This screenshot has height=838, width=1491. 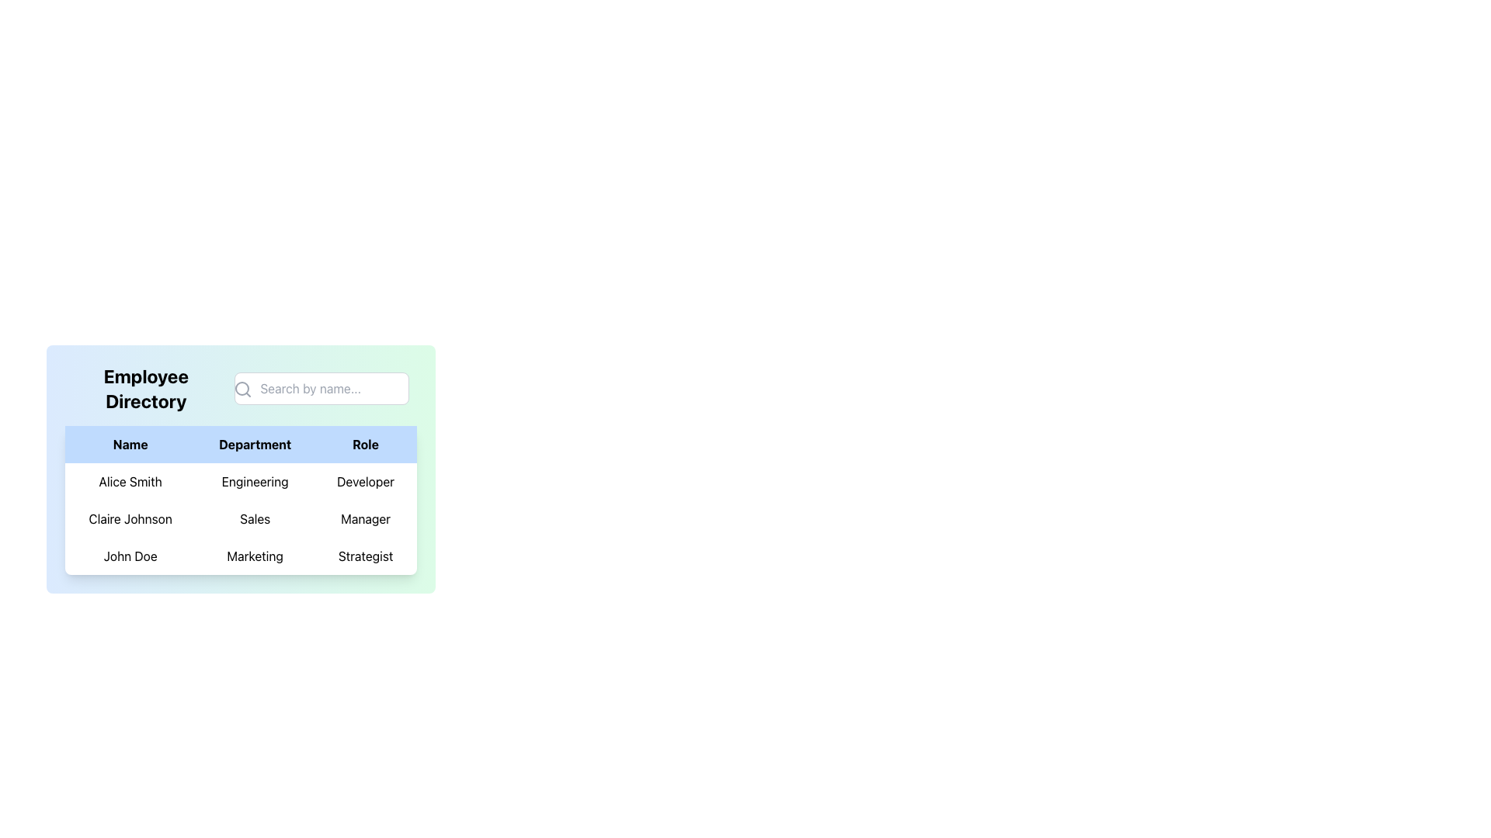 What do you see at coordinates (255, 481) in the screenshot?
I see `the static text element representing the department of 'Alice Smith' in the employee directory table` at bounding box center [255, 481].